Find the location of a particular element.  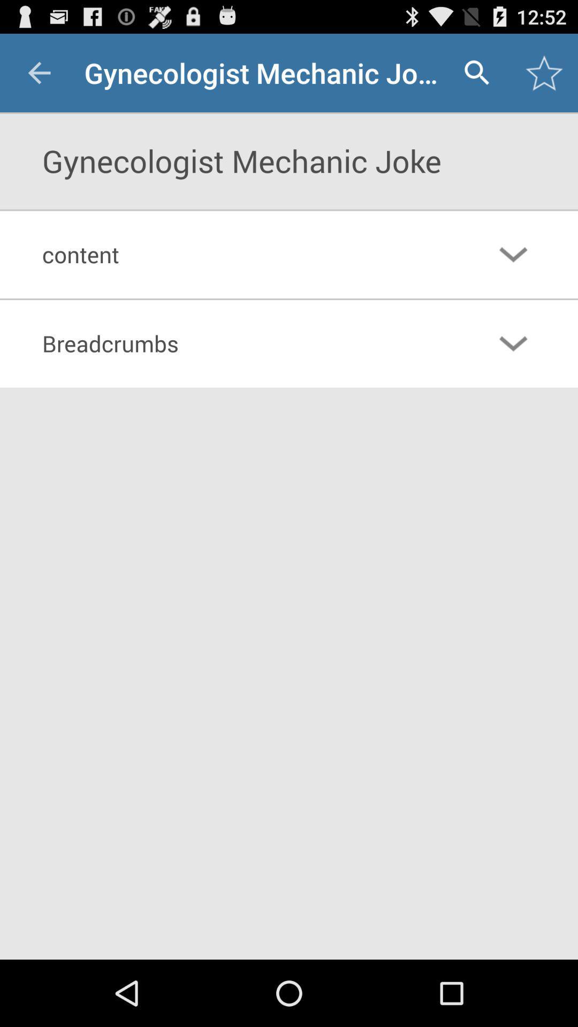

the icon to the left of gynecologist mechanic joke icon is located at coordinates (39, 72).